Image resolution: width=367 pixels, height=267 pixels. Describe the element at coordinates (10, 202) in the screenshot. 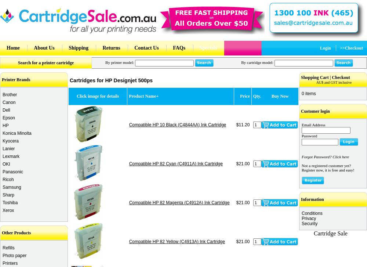

I see `'Toshiba'` at that location.